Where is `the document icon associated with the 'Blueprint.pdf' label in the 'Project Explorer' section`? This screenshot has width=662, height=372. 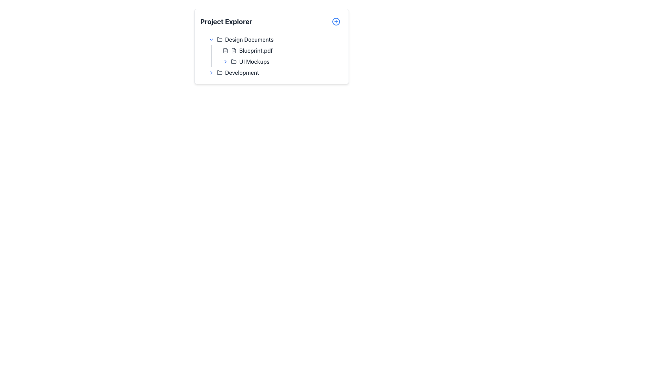 the document icon associated with the 'Blueprint.pdf' label in the 'Project Explorer' section is located at coordinates (225, 50).